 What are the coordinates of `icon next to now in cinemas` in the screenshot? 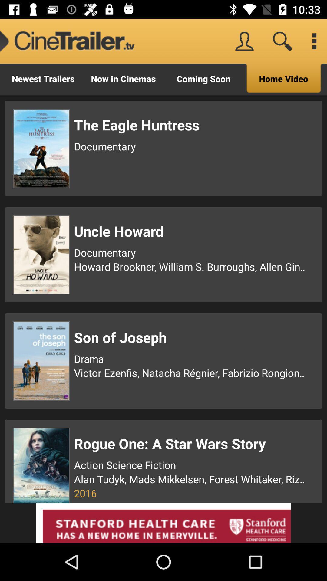 It's located at (43, 79).